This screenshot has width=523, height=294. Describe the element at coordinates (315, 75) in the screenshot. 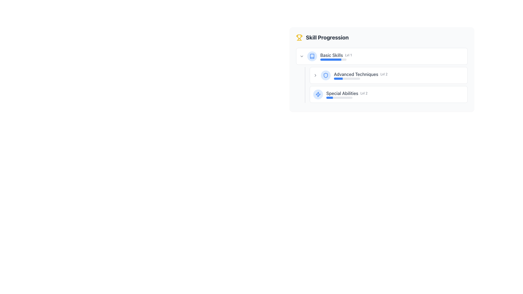

I see `the small right-facing chevron arrow icon located to the left of the text 'Advanced Techniques Lvl 2' in the 'Skill Progression' module` at that location.